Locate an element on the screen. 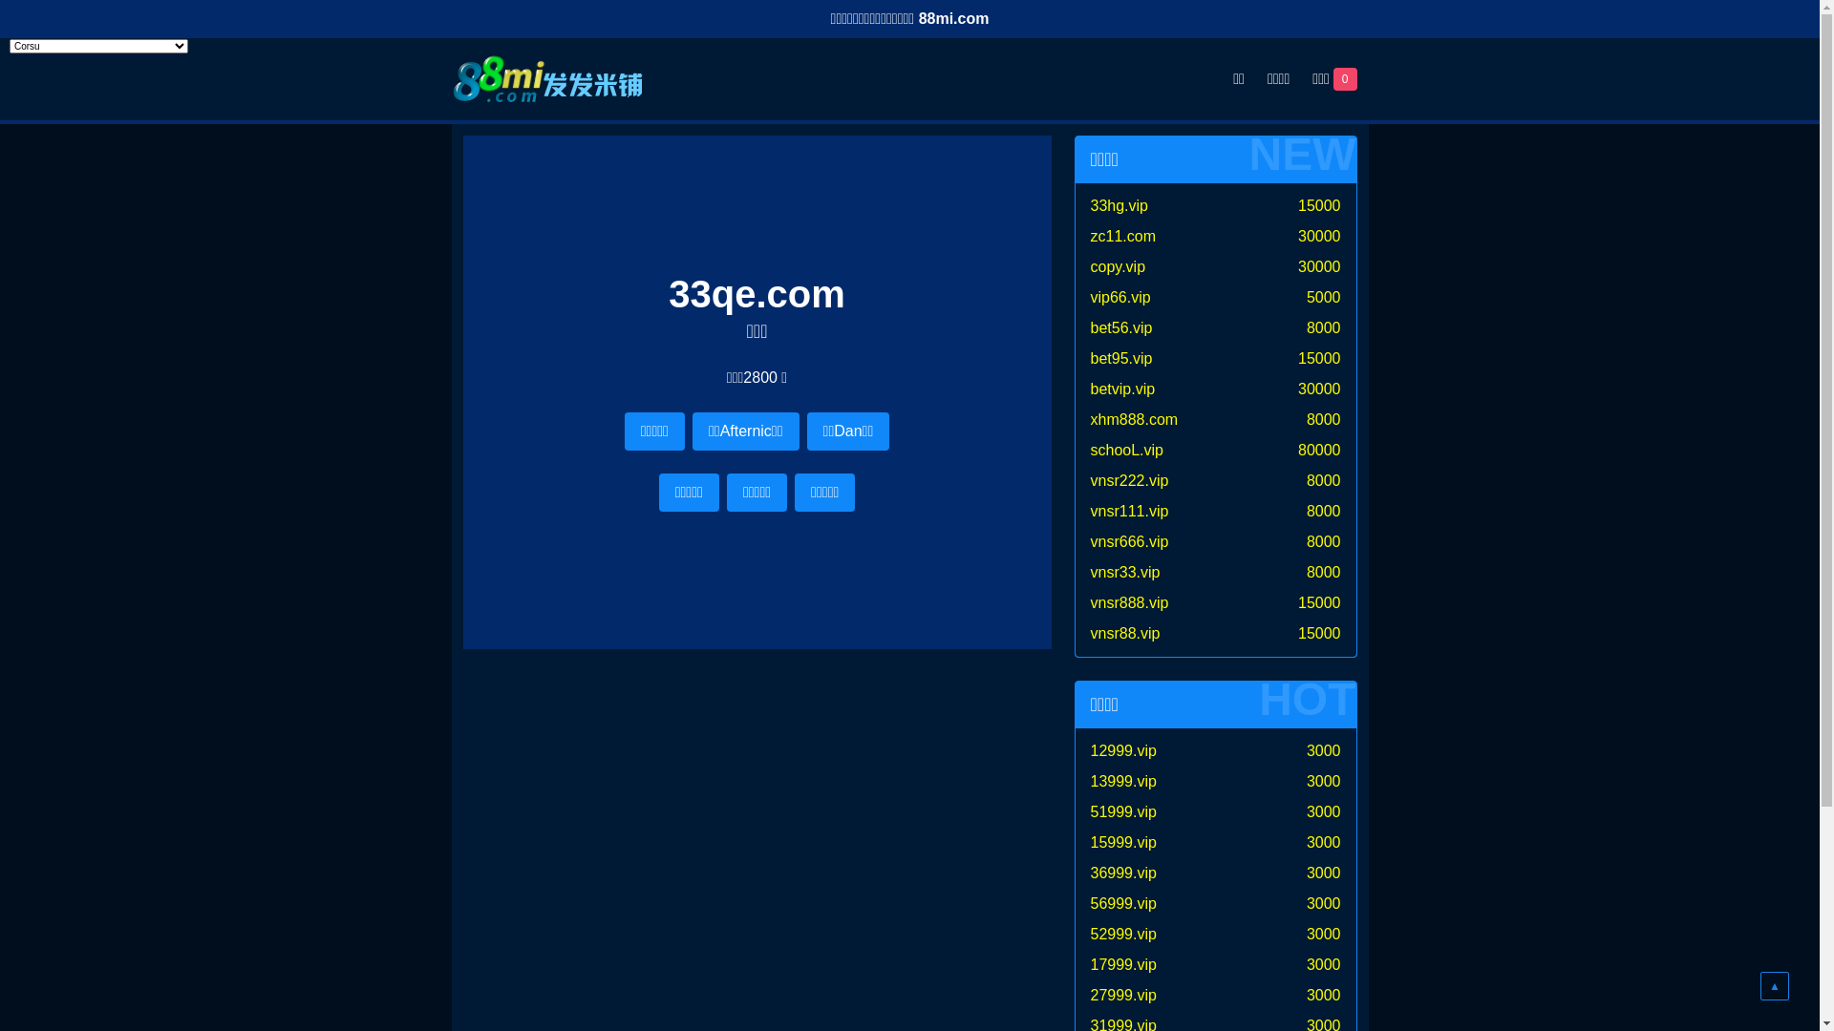 Image resolution: width=1834 pixels, height=1031 pixels. 'zc11.com' is located at coordinates (1123, 235).